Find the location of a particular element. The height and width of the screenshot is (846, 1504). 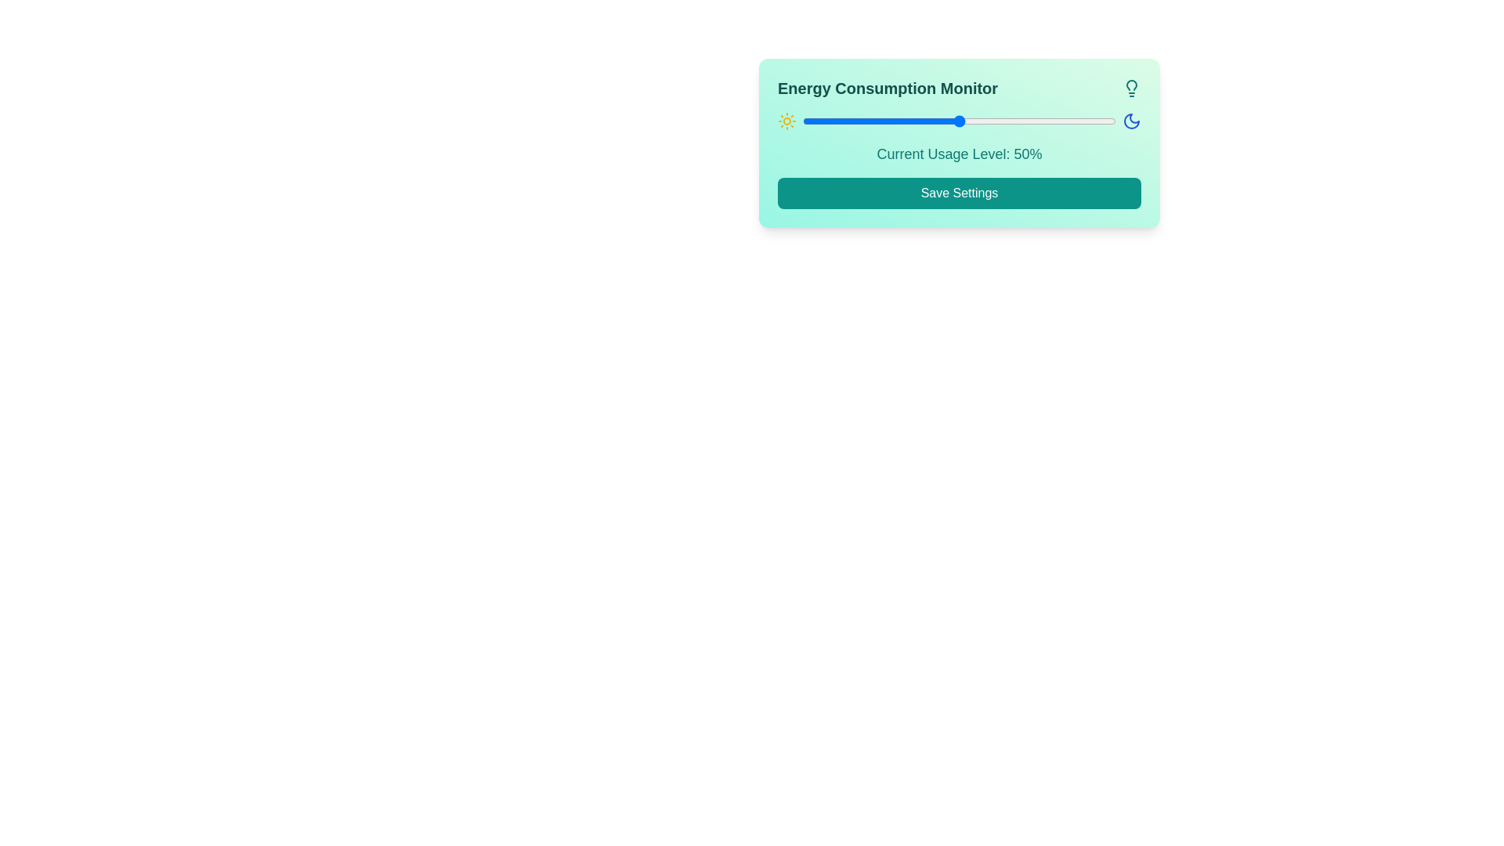

the slider to set the energy usage level to 68% is located at coordinates (1015, 120).